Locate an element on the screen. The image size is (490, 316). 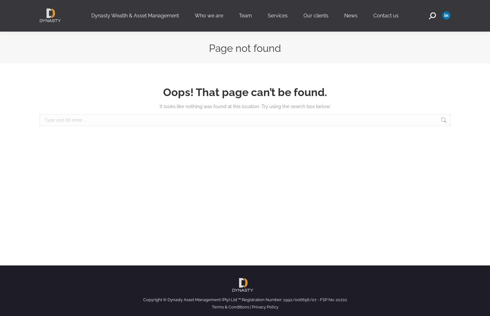
'Dynasty Wealth & Asset Management' is located at coordinates (135, 15).